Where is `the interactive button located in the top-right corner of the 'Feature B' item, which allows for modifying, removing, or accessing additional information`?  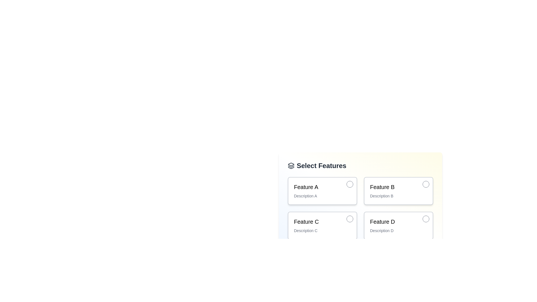
the interactive button located in the top-right corner of the 'Feature B' item, which allows for modifying, removing, or accessing additional information is located at coordinates (425, 184).